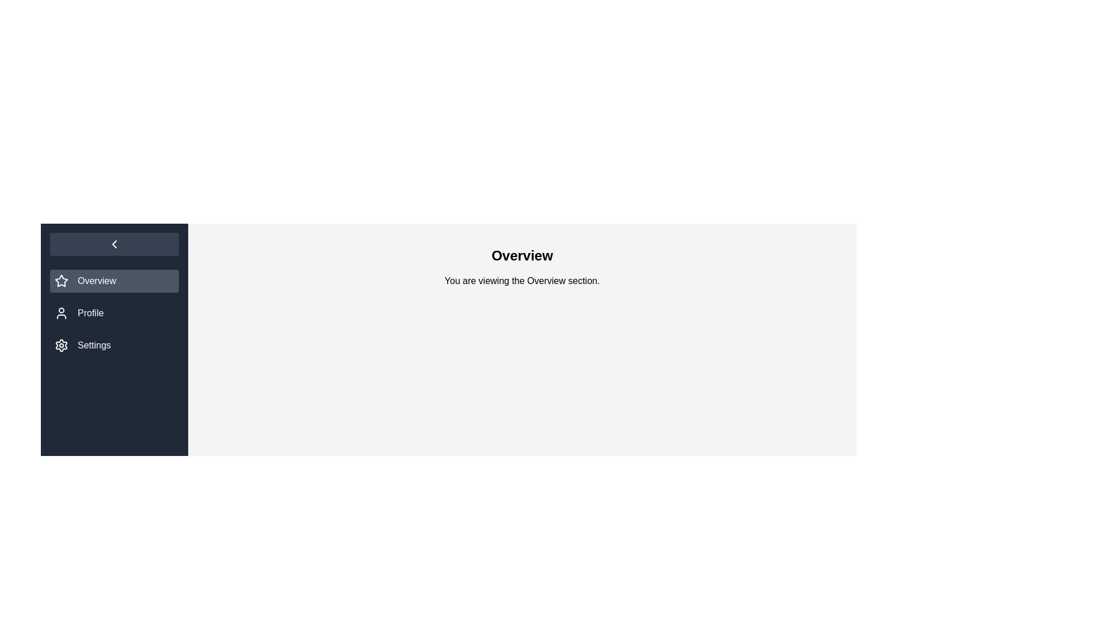 The height and width of the screenshot is (621, 1105). What do you see at coordinates (114, 345) in the screenshot?
I see `the Settings tab from the menu` at bounding box center [114, 345].